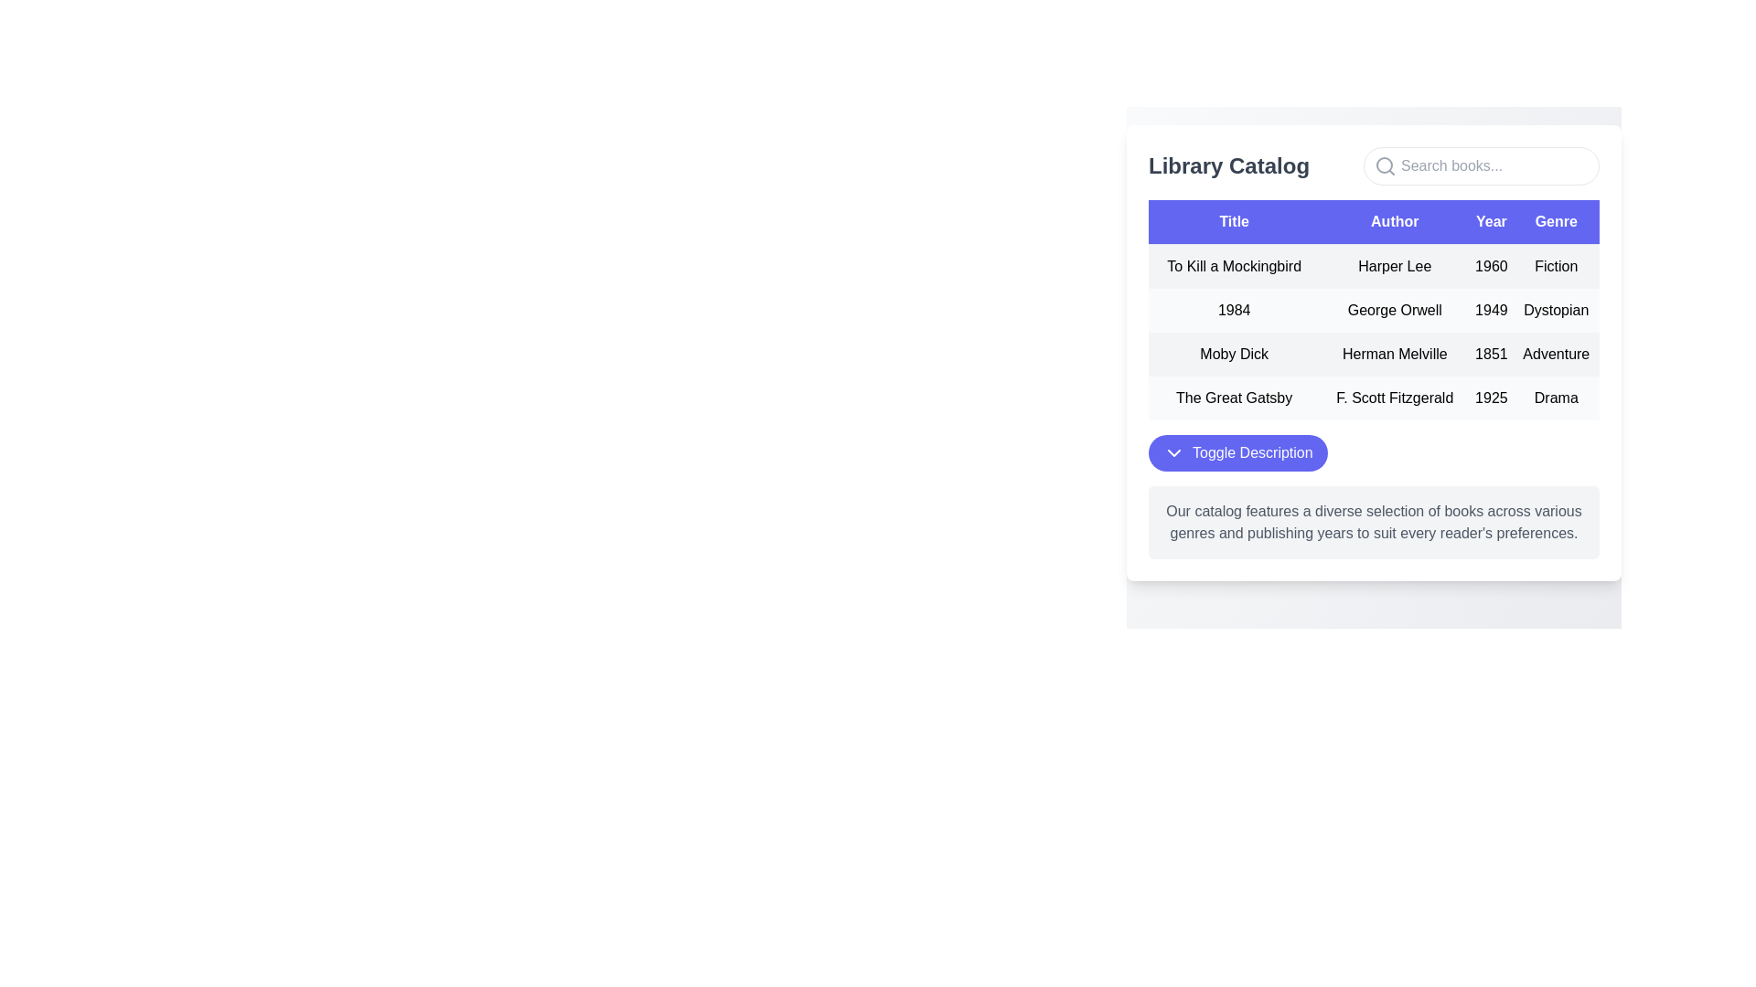 This screenshot has height=987, width=1756. I want to click on the descriptive text block located near the bottom of the 'Library Catalog' section, below the 'Toggle Description' button, so click(1374, 522).